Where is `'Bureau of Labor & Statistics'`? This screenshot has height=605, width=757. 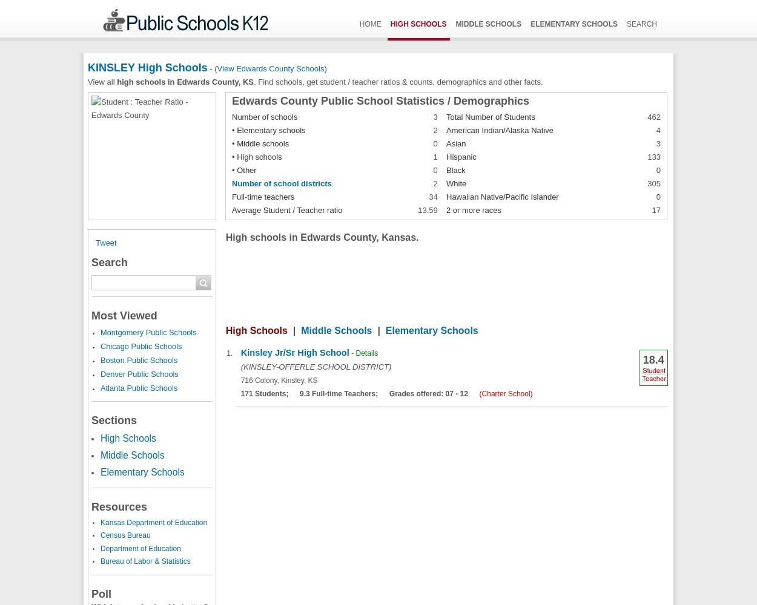
'Bureau of Labor & Statistics' is located at coordinates (145, 561).